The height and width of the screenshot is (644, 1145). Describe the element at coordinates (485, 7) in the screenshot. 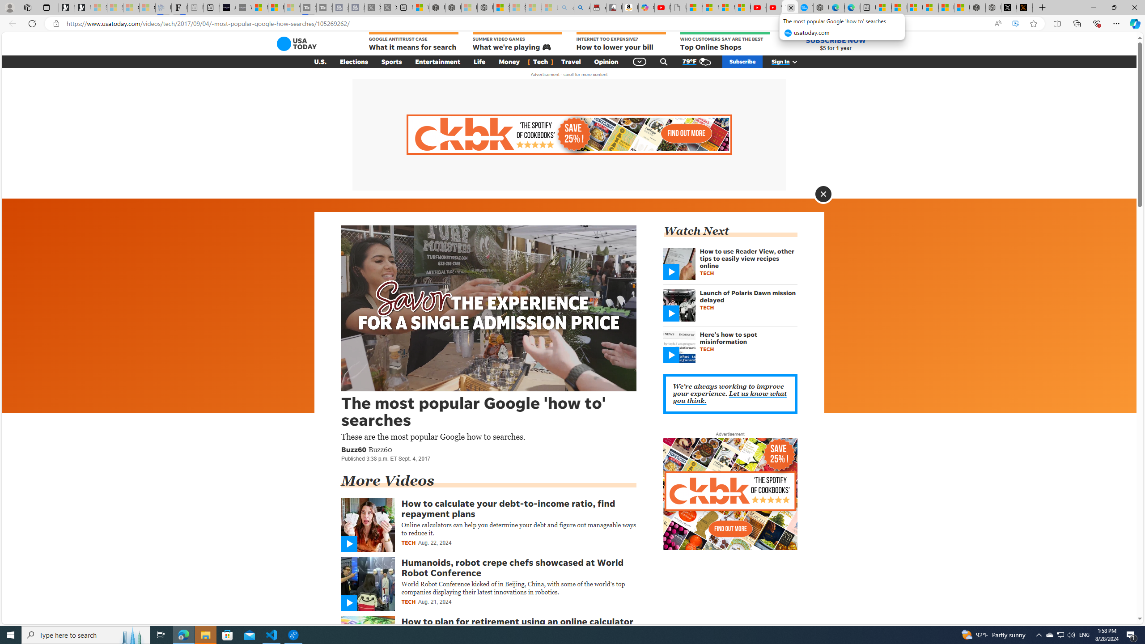

I see `'Nordace - Nordace Siena Is Not An Ordinary Backpack'` at that location.